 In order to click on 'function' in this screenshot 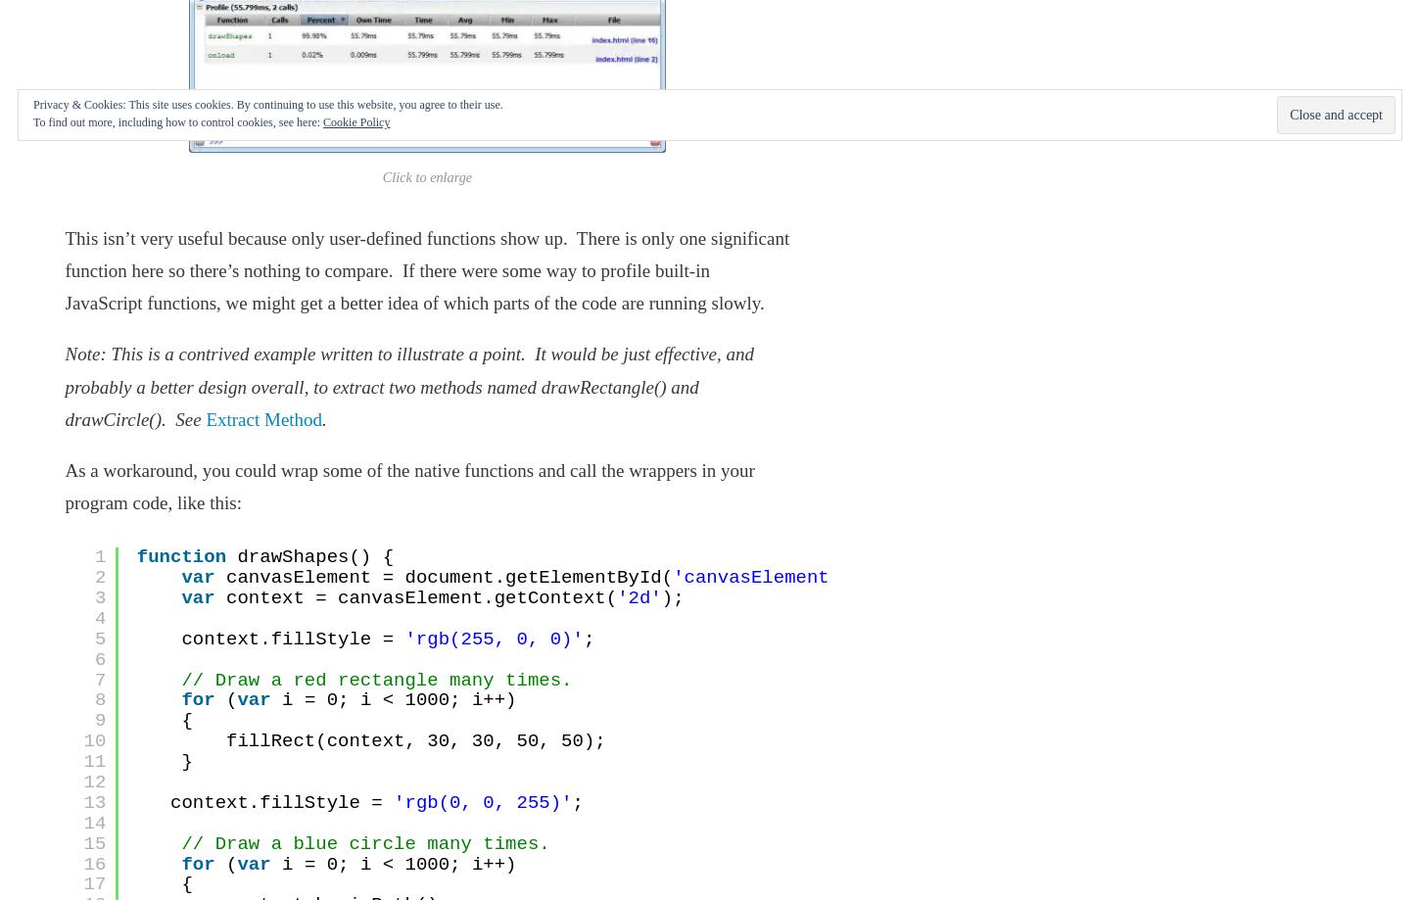, I will do `click(180, 557)`.